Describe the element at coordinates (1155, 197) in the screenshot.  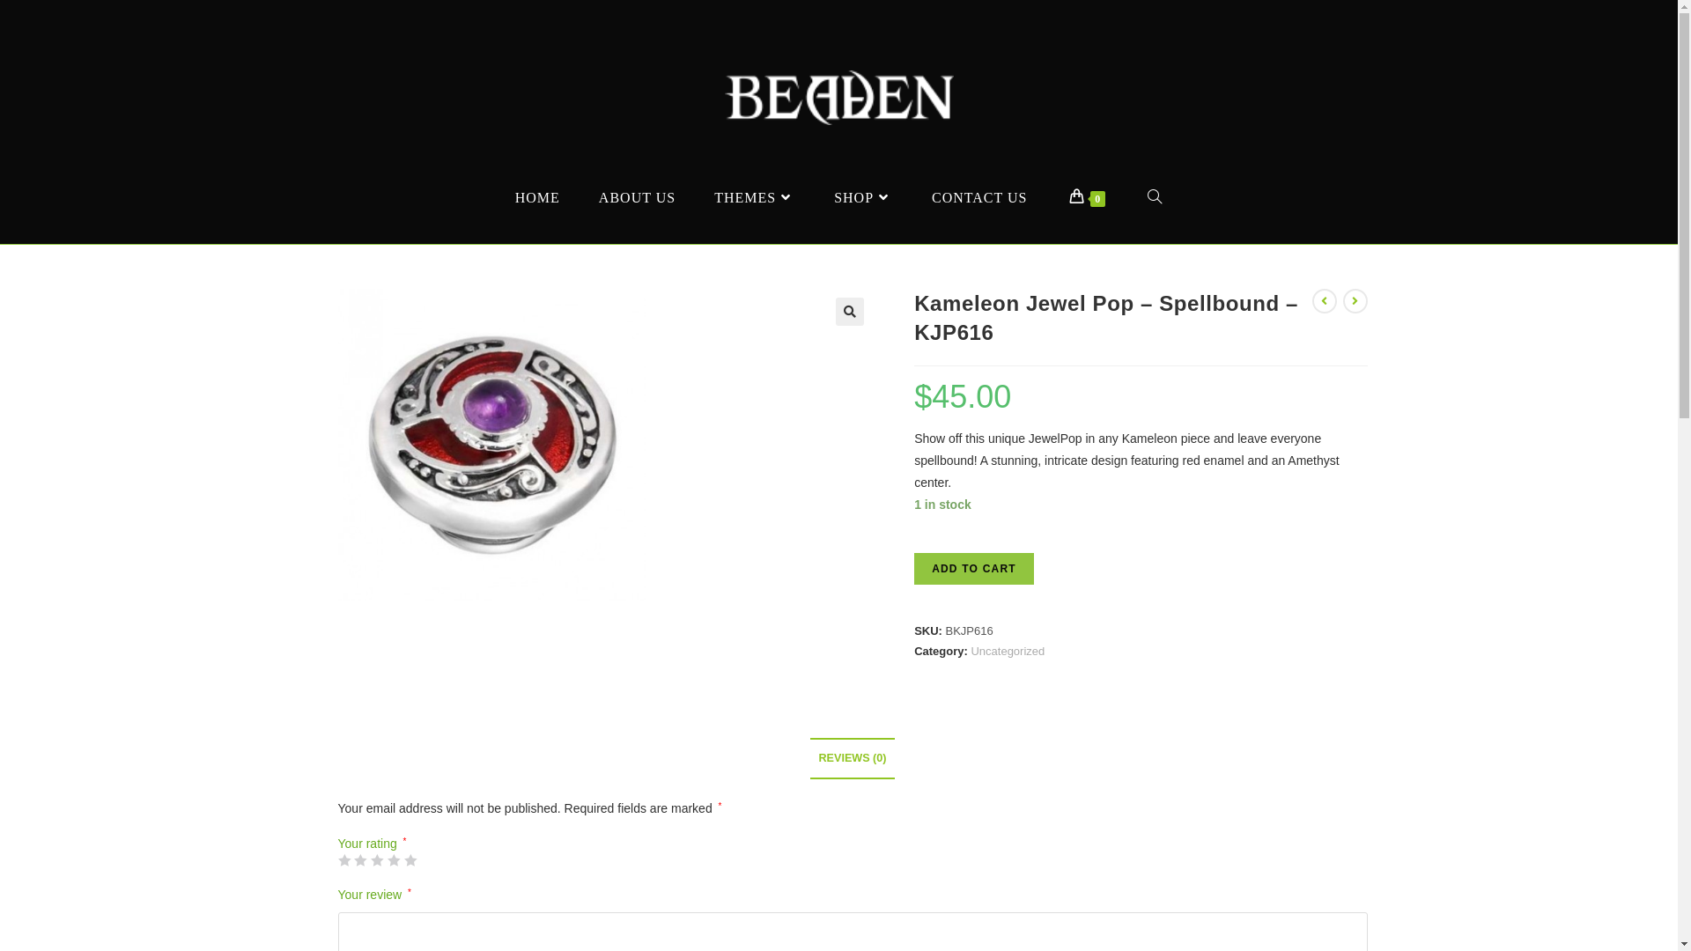
I see `'TOGGLE WEBSITE SEARCH'` at that location.